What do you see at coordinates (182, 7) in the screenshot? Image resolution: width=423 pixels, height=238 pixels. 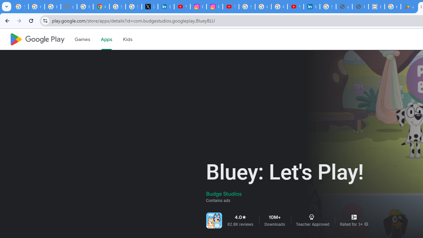 I see `'YouTube Content Monetization Policies - How YouTube Works'` at bounding box center [182, 7].